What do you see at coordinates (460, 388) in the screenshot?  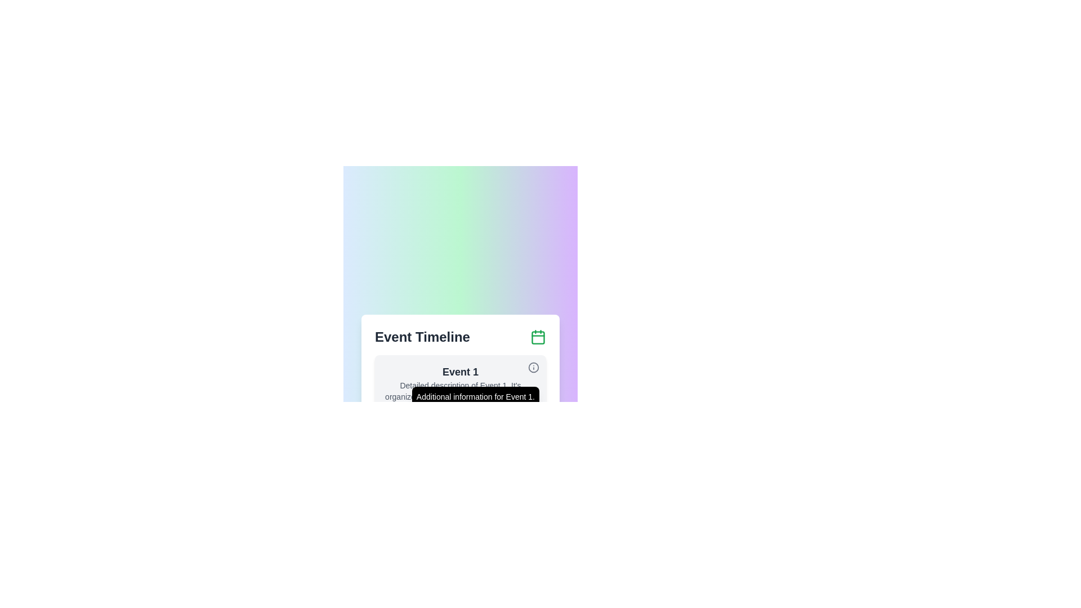 I see `displayed text from the tooltip with a black background and white text stating 'Additional information for Event 1.', located directly below the 'Detailed description of Event 1'` at bounding box center [460, 388].